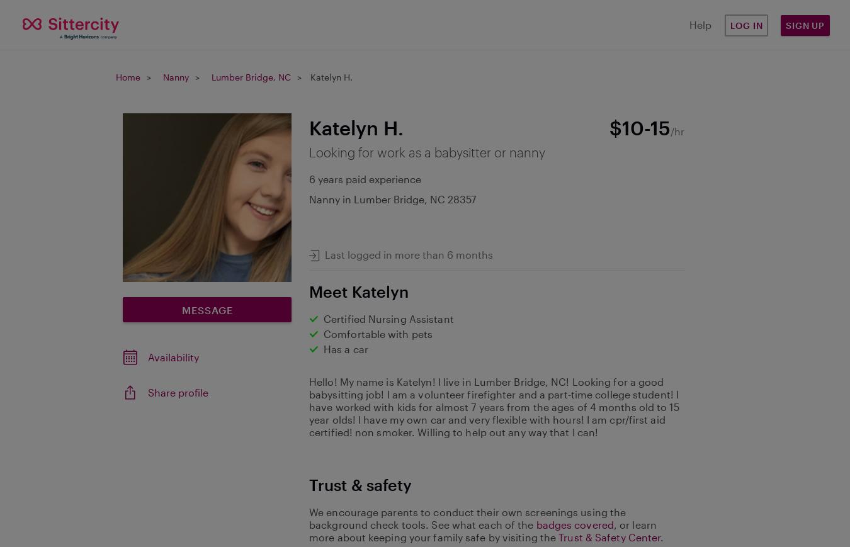  I want to click on 'Home', so click(116, 76).